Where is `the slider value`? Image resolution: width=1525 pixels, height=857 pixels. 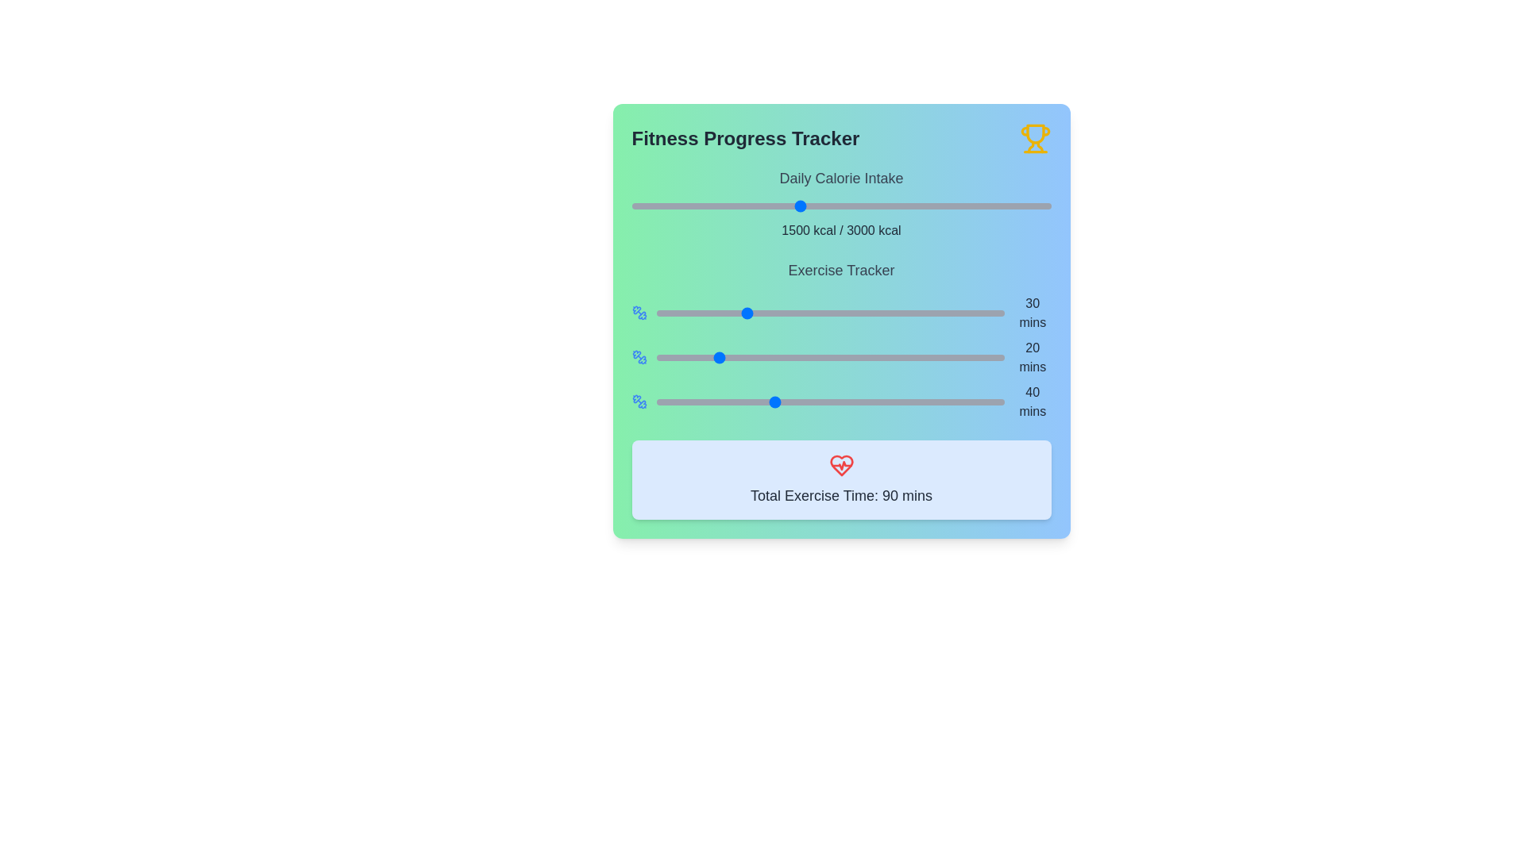
the slider value is located at coordinates (944, 358).